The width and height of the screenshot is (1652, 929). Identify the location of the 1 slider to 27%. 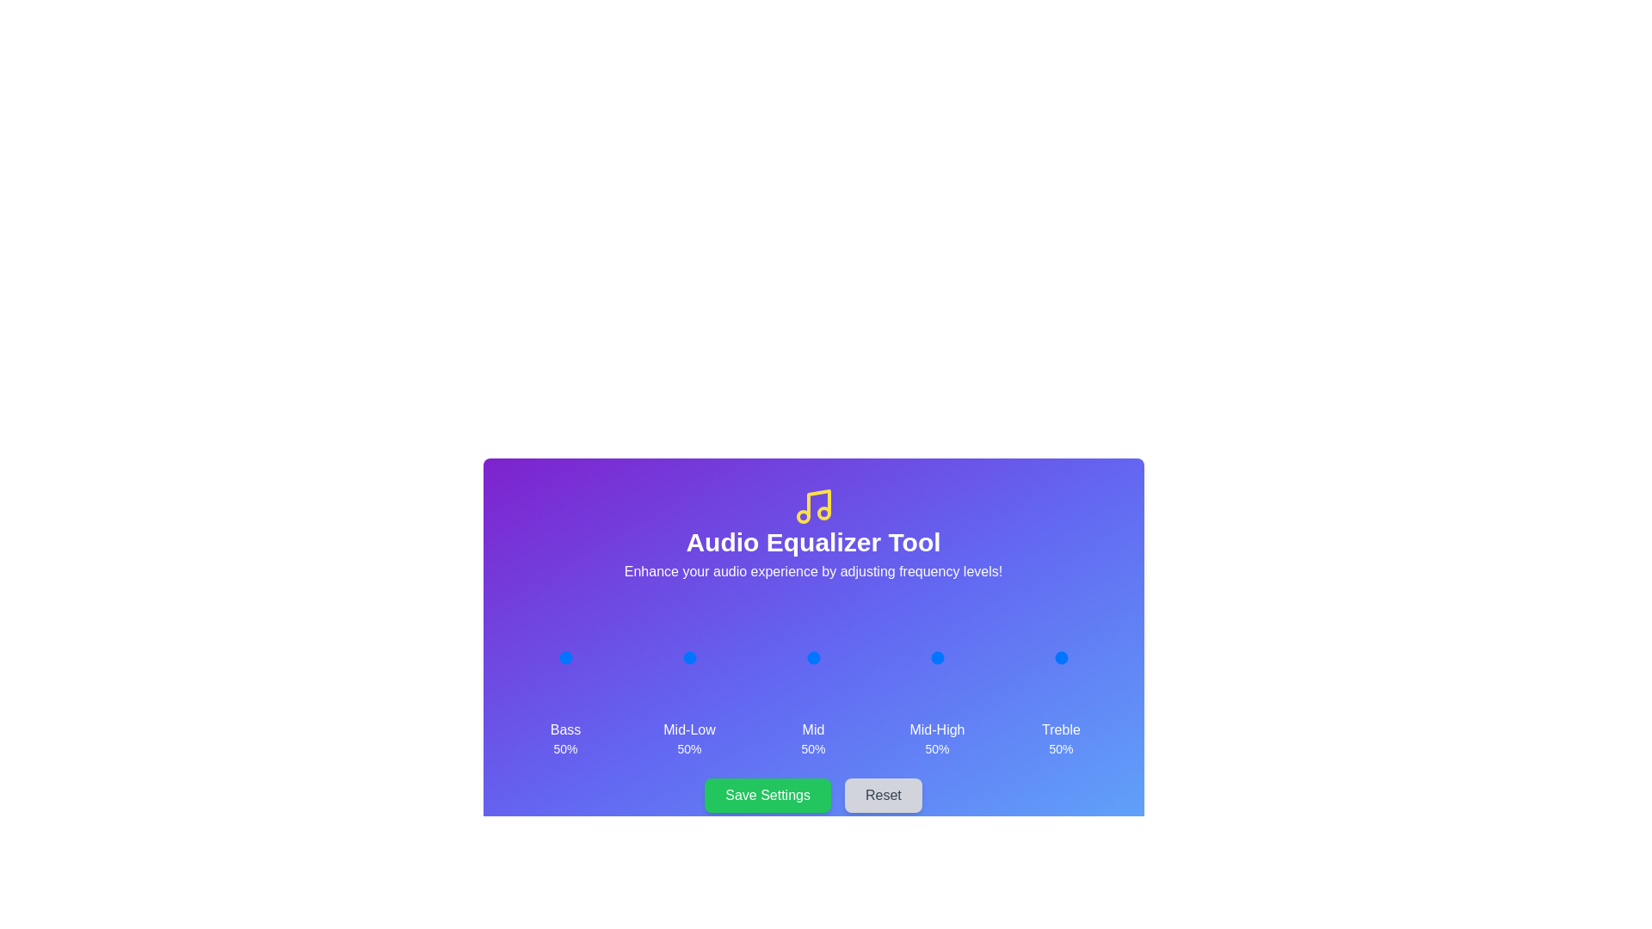
(675, 657).